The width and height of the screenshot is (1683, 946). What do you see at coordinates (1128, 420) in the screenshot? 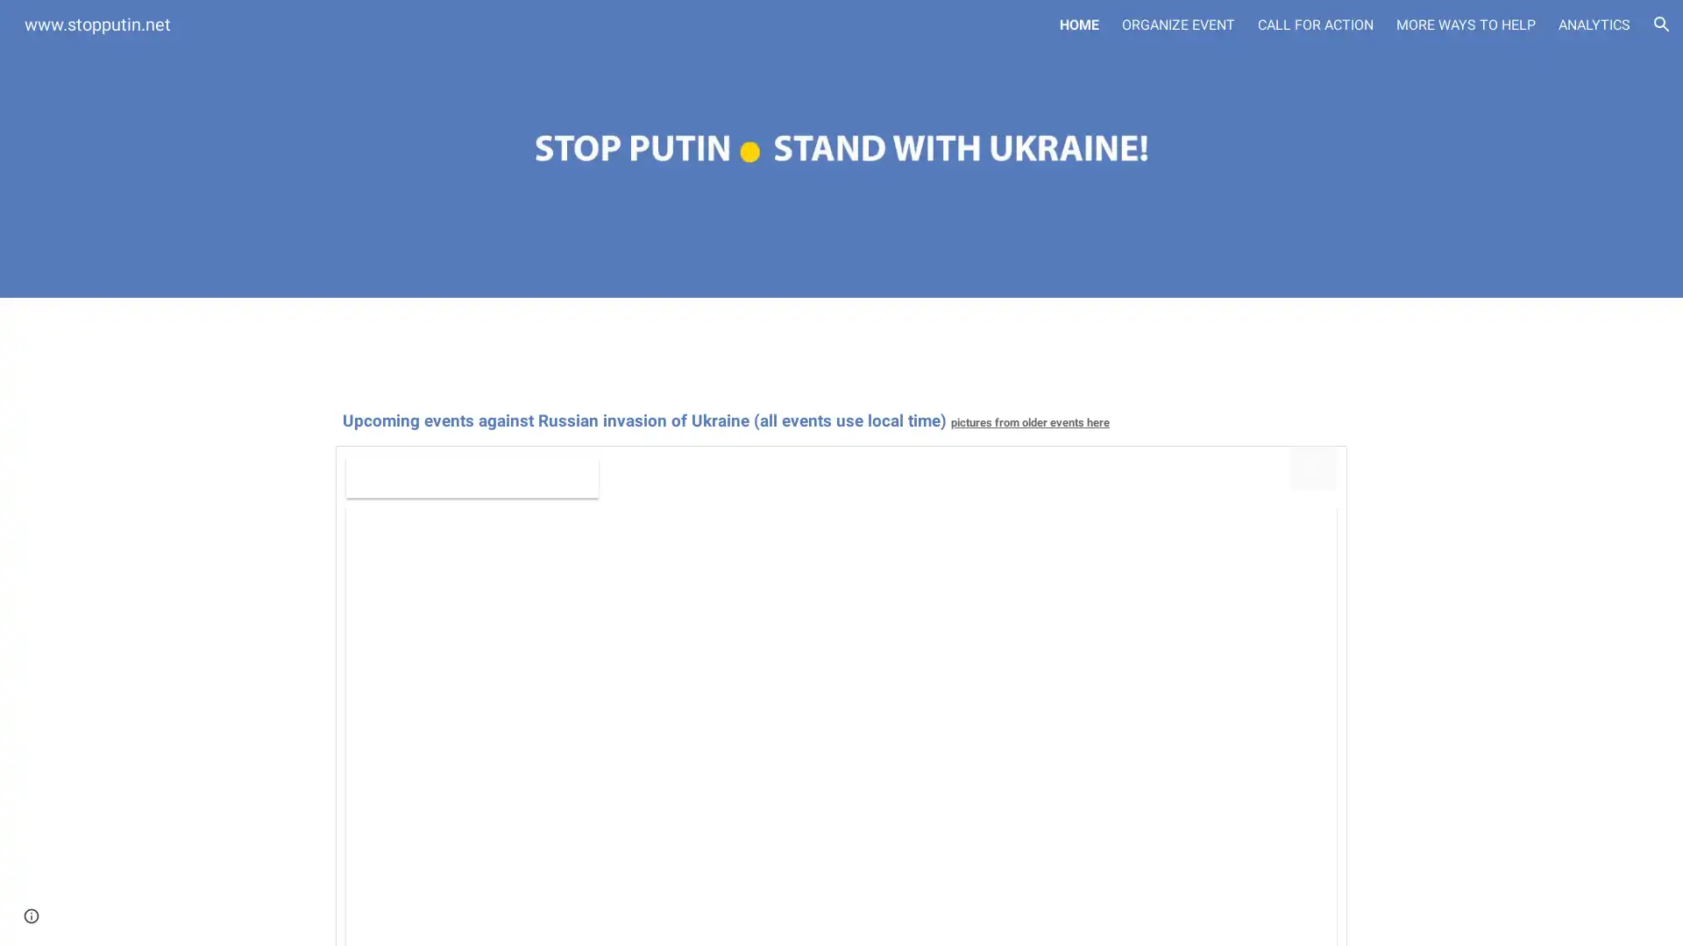
I see `Copy heading link` at bounding box center [1128, 420].